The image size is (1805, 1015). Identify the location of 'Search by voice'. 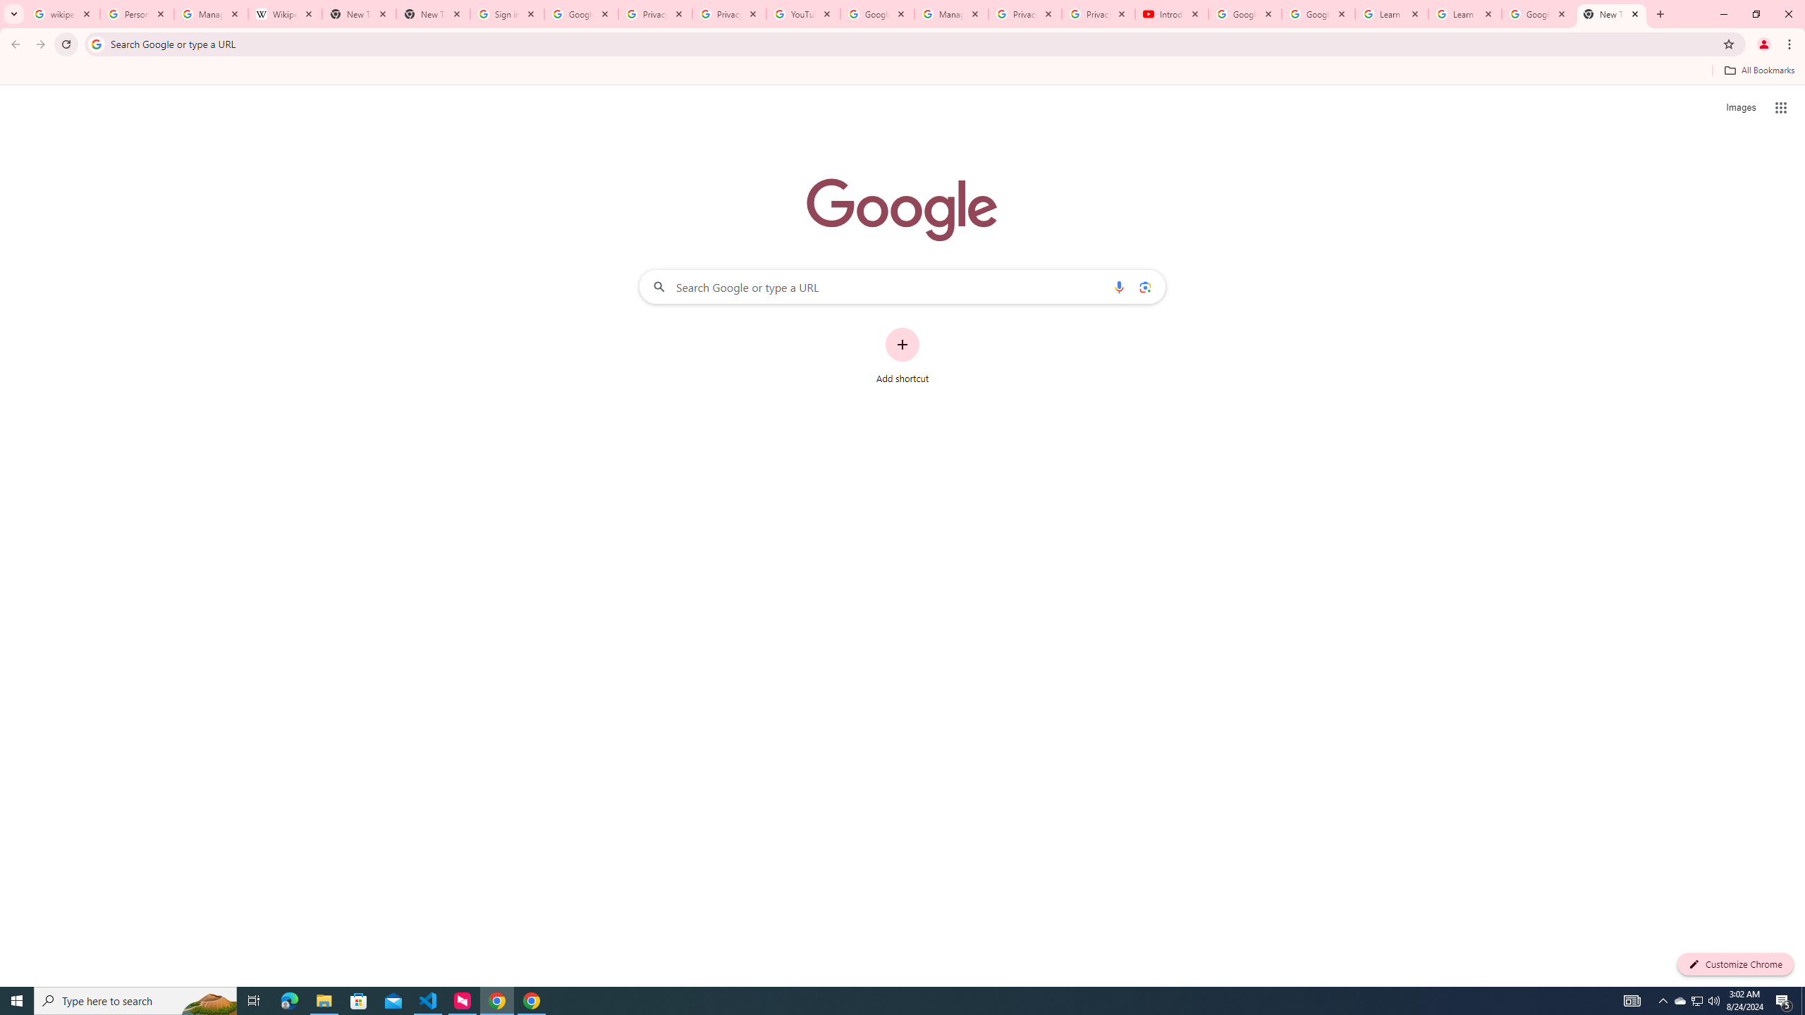
(1118, 285).